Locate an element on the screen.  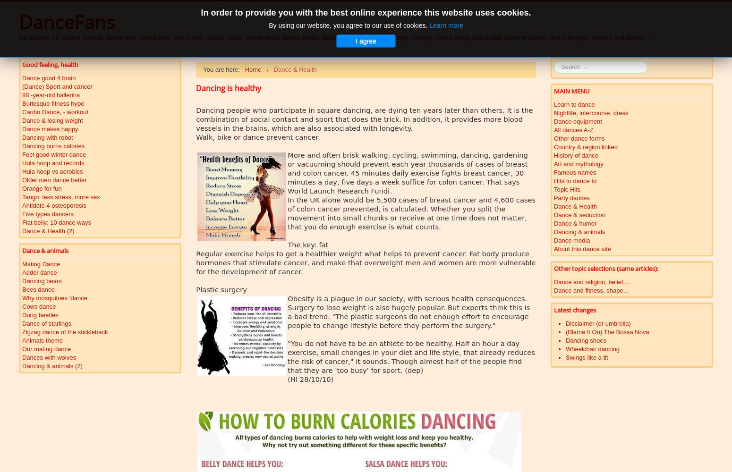
'(Dance) Sport and cancer' is located at coordinates (21, 86).